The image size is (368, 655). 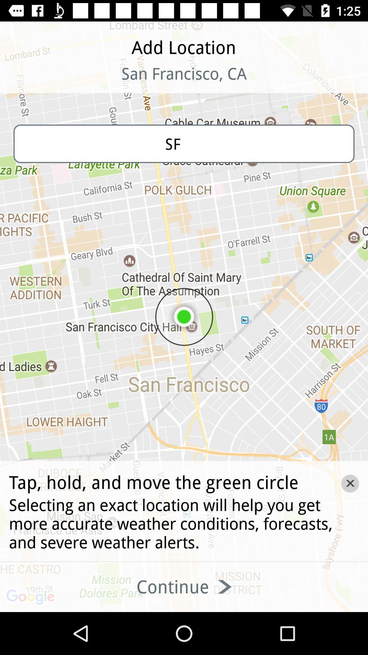 I want to click on the item below the sf, so click(x=350, y=483).